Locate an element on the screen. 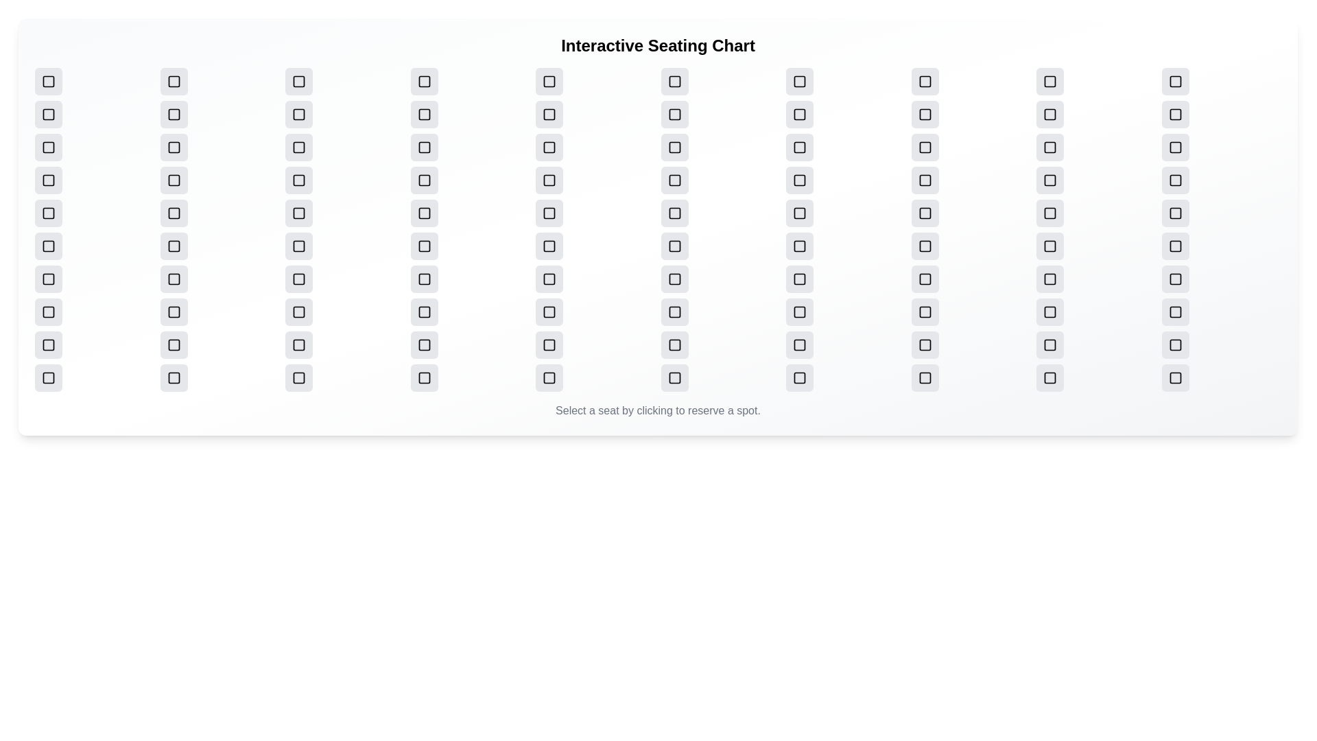 This screenshot has width=1317, height=741. the text element containing the instructions below the seating chart is located at coordinates (657, 410).